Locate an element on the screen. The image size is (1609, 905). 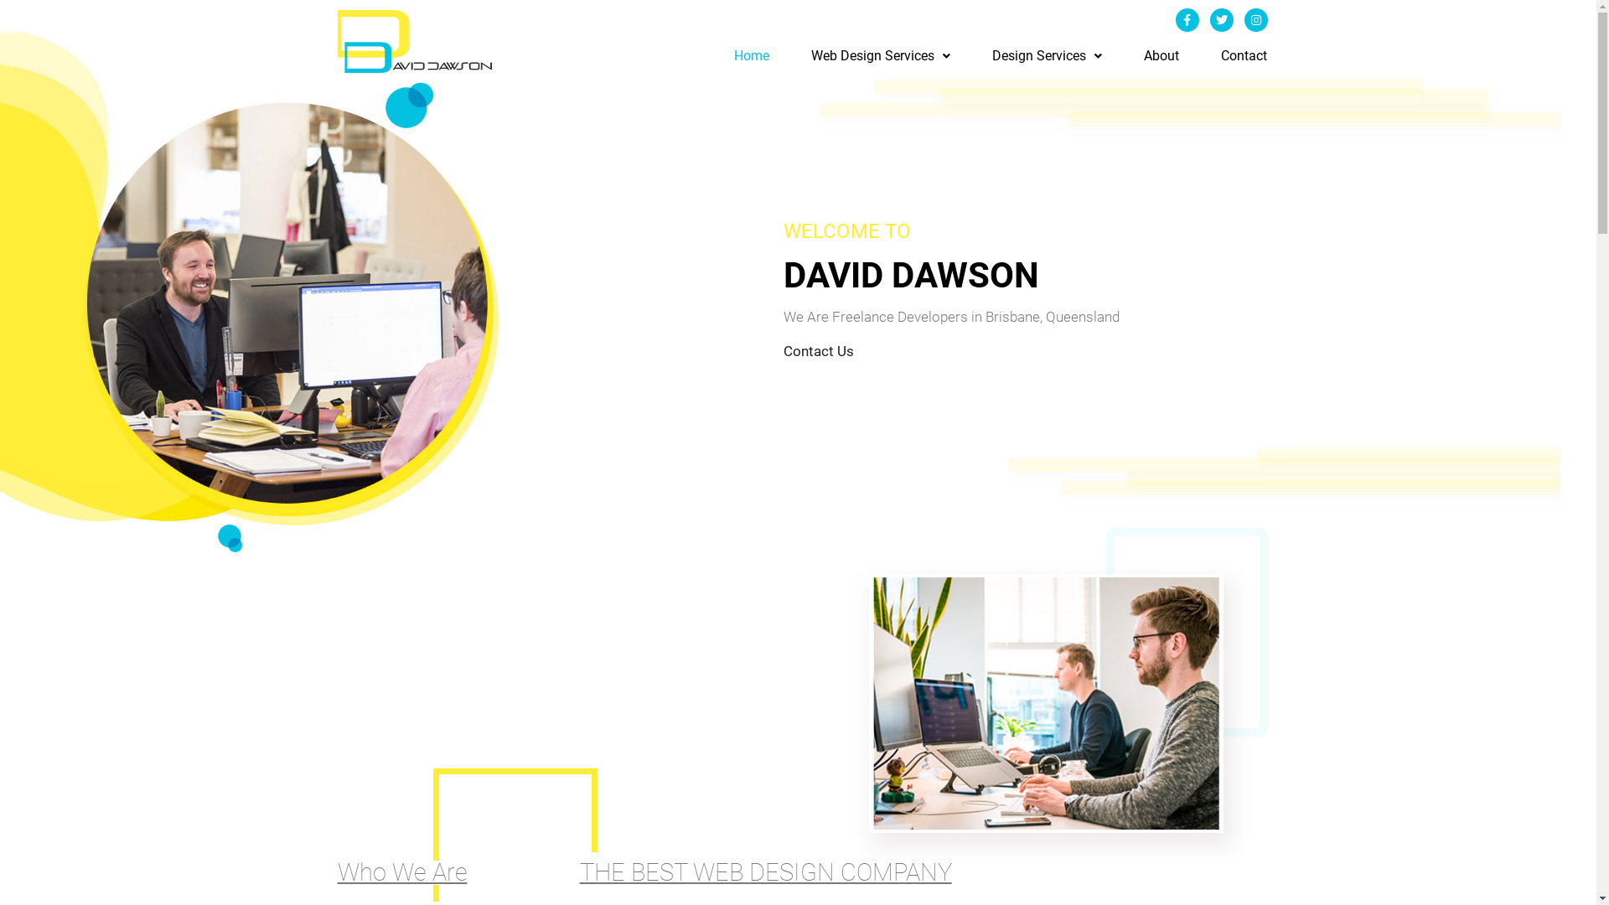
'About' is located at coordinates (1161, 54).